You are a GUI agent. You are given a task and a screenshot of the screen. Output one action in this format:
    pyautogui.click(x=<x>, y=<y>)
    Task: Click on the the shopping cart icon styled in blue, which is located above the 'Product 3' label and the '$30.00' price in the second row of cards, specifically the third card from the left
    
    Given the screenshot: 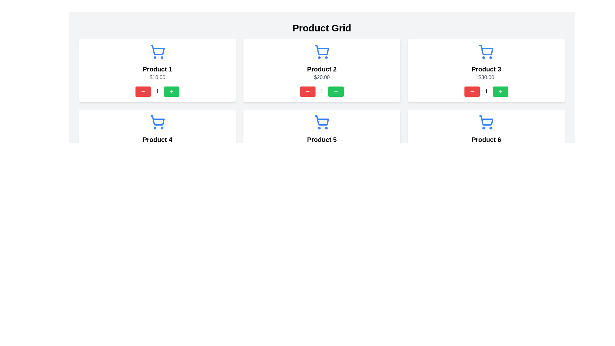 What is the action you would take?
    pyautogui.click(x=486, y=52)
    